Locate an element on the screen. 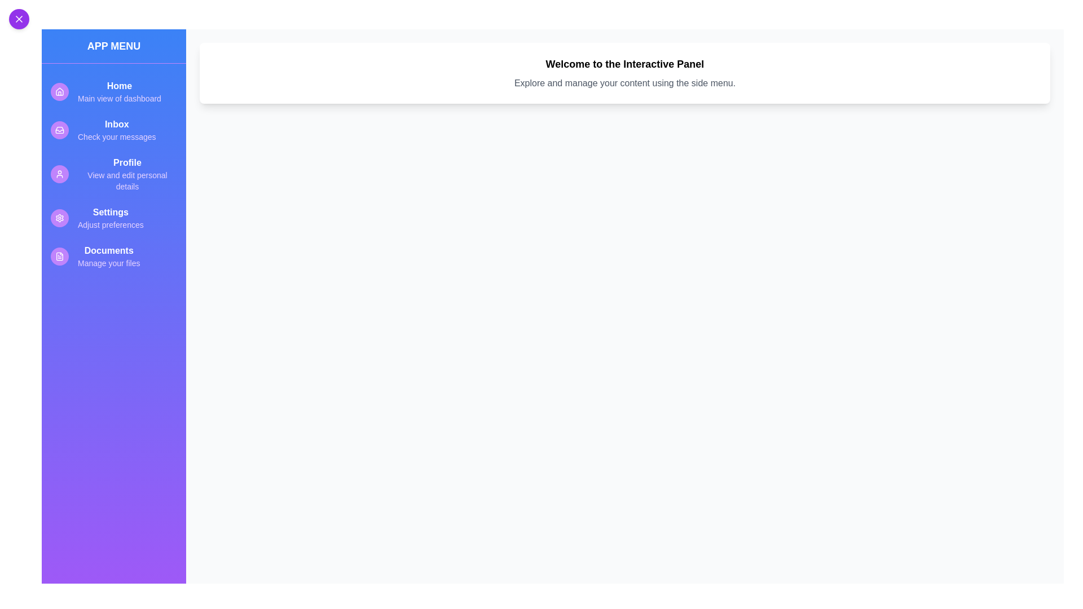 The height and width of the screenshot is (609, 1083). toggle button at the top-left corner to toggle the sidebar visibility is located at coordinates (19, 19).